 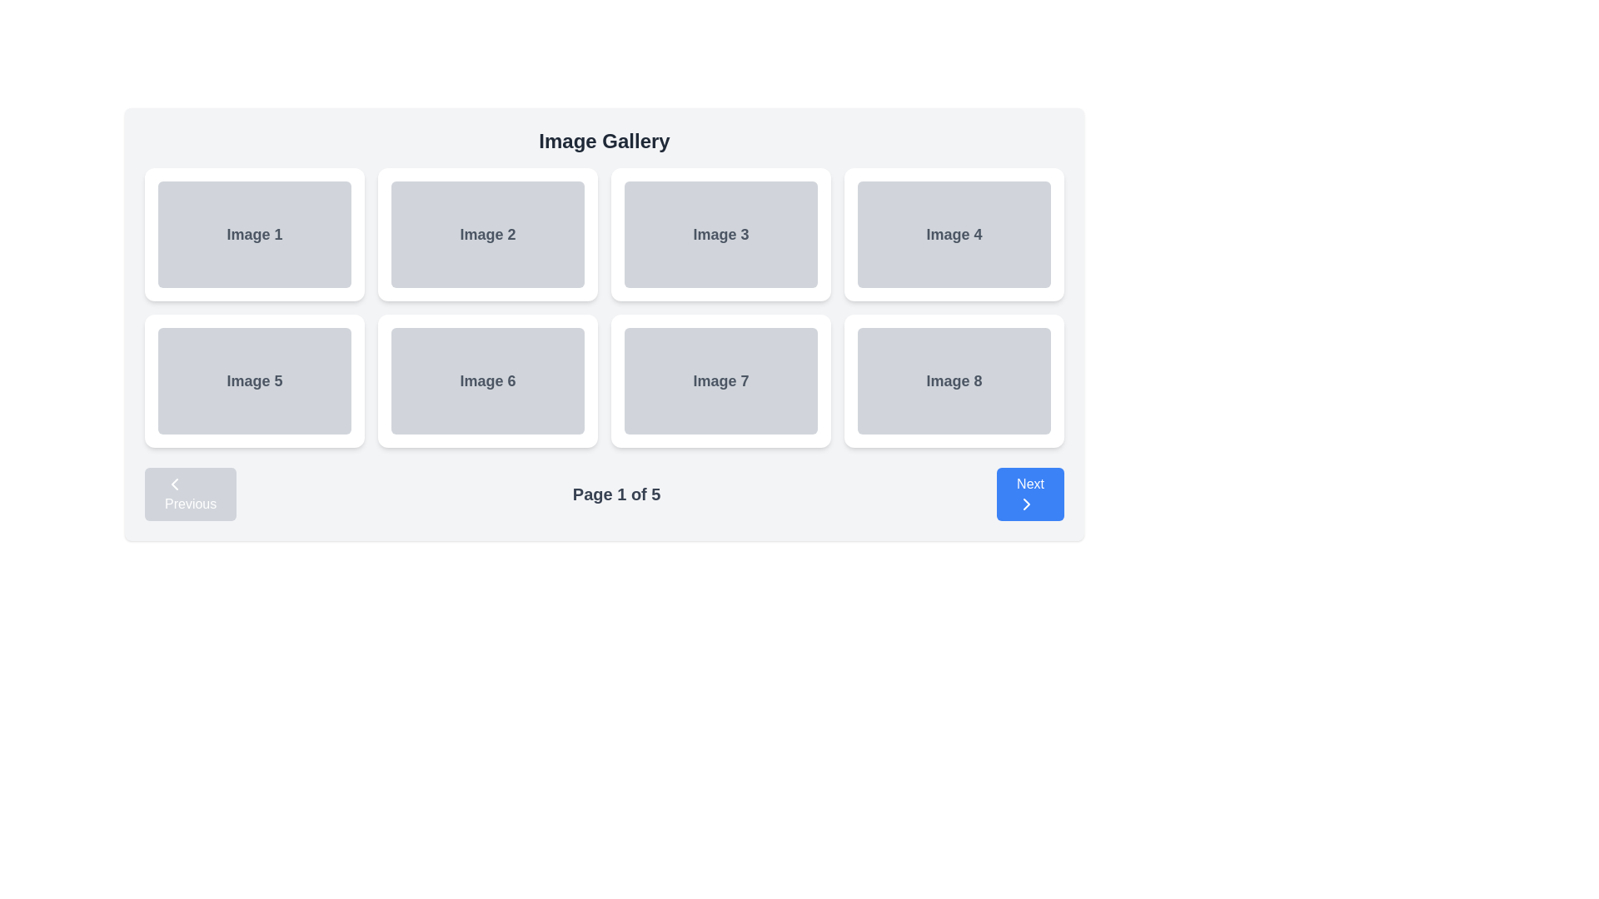 I want to click on the fourth card in the first row of the 4x2 grid layout, which has a white background, rounded corners, and contains the text 'Image 4', so click(x=954, y=234).